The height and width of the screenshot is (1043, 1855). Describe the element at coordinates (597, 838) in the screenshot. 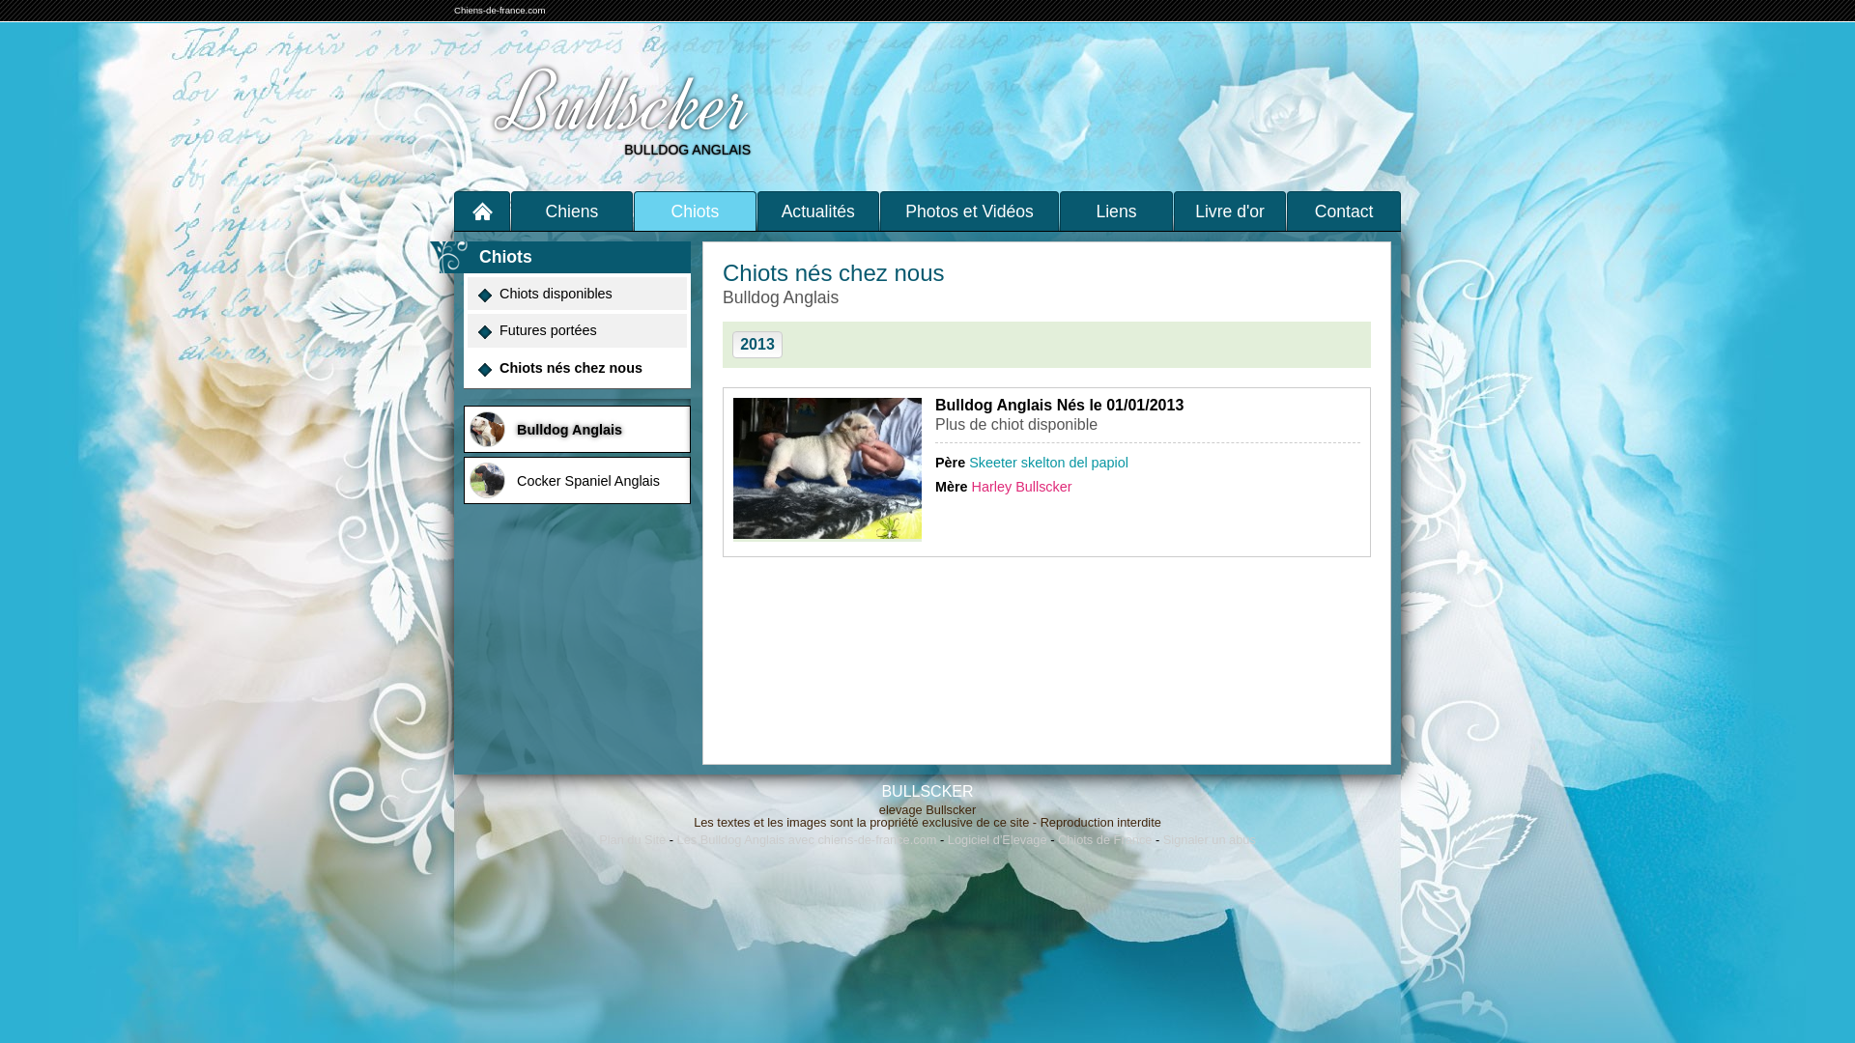

I see `'Plan du Site'` at that location.